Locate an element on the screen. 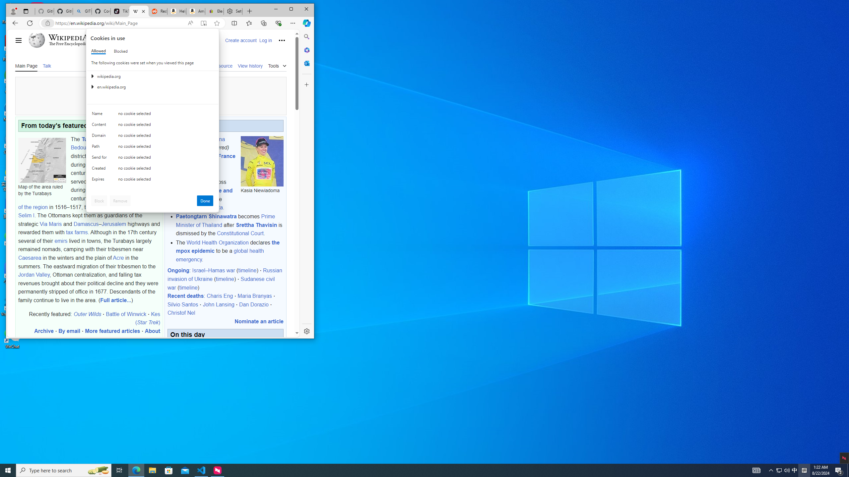 This screenshot has height=477, width=849. 'Type here to search' is located at coordinates (63, 470).